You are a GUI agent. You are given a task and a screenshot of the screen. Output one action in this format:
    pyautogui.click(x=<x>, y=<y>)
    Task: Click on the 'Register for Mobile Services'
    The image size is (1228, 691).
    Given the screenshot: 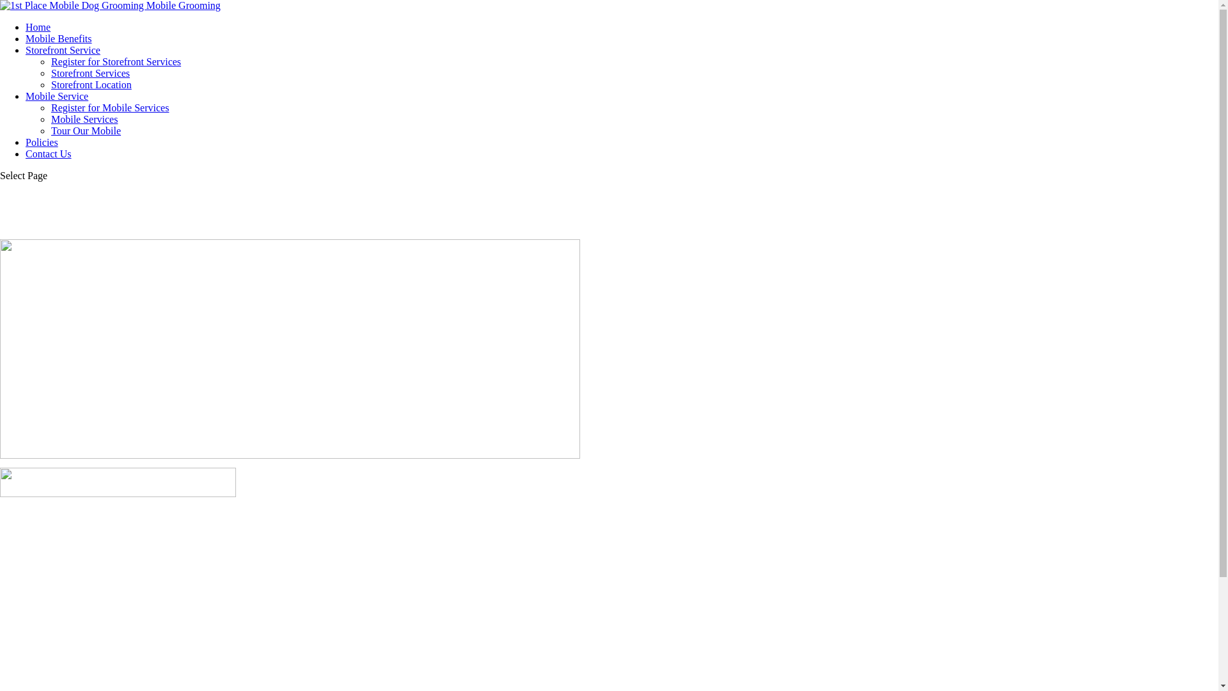 What is the action you would take?
    pyautogui.click(x=110, y=107)
    